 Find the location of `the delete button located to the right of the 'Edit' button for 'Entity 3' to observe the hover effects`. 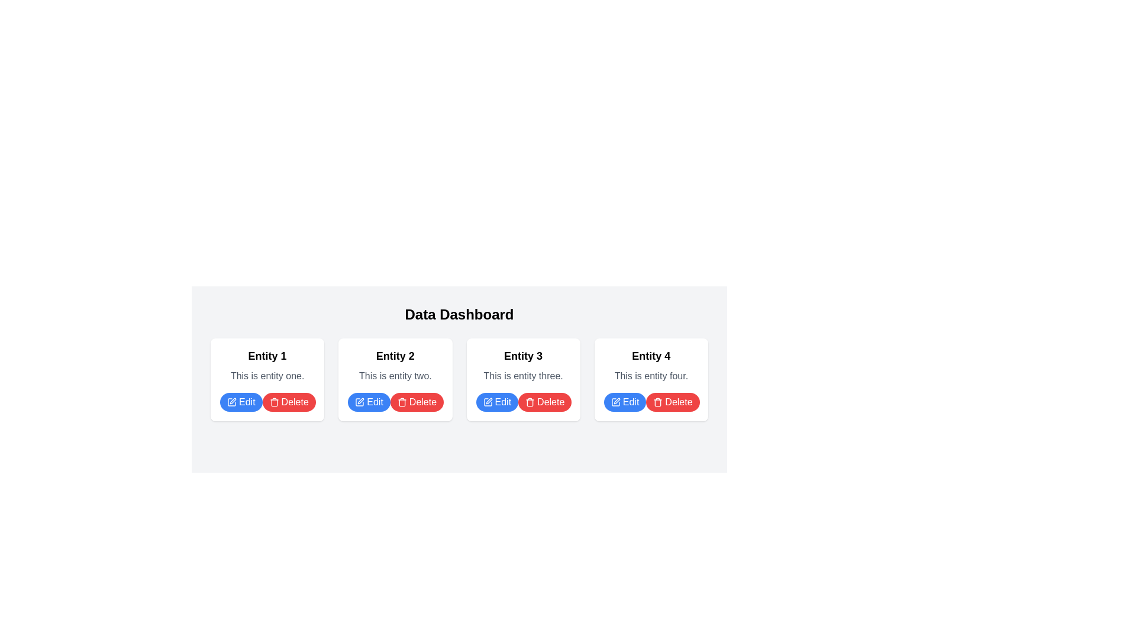

the delete button located to the right of the 'Edit' button for 'Entity 3' to observe the hover effects is located at coordinates (544, 401).